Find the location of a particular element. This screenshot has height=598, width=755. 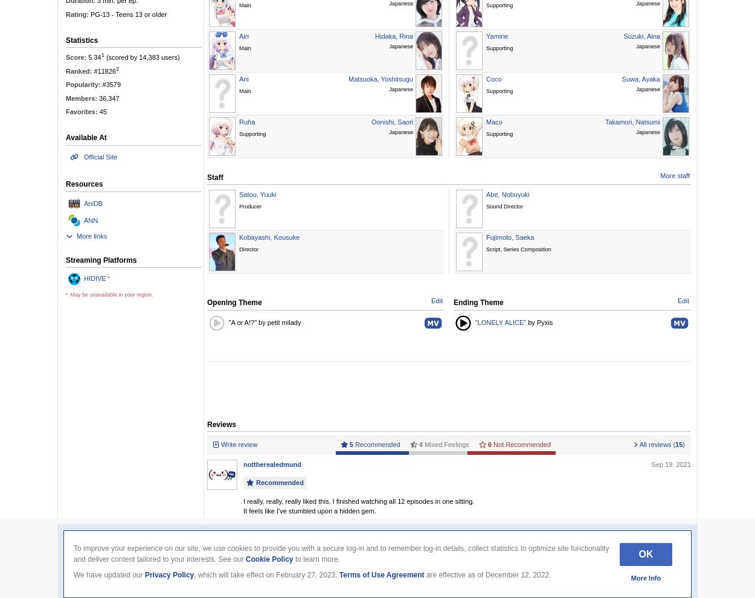

'Write review' is located at coordinates (238, 443).